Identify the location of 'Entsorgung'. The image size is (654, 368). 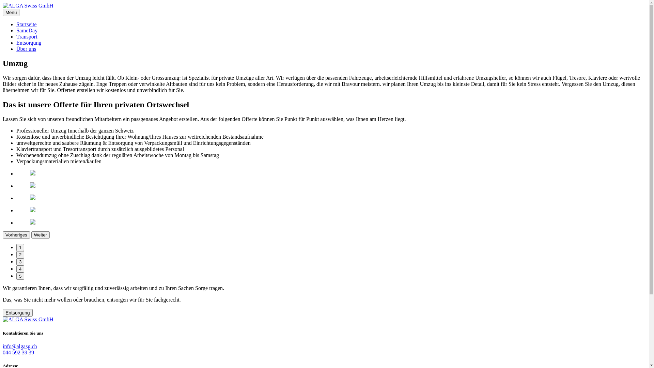
(28, 43).